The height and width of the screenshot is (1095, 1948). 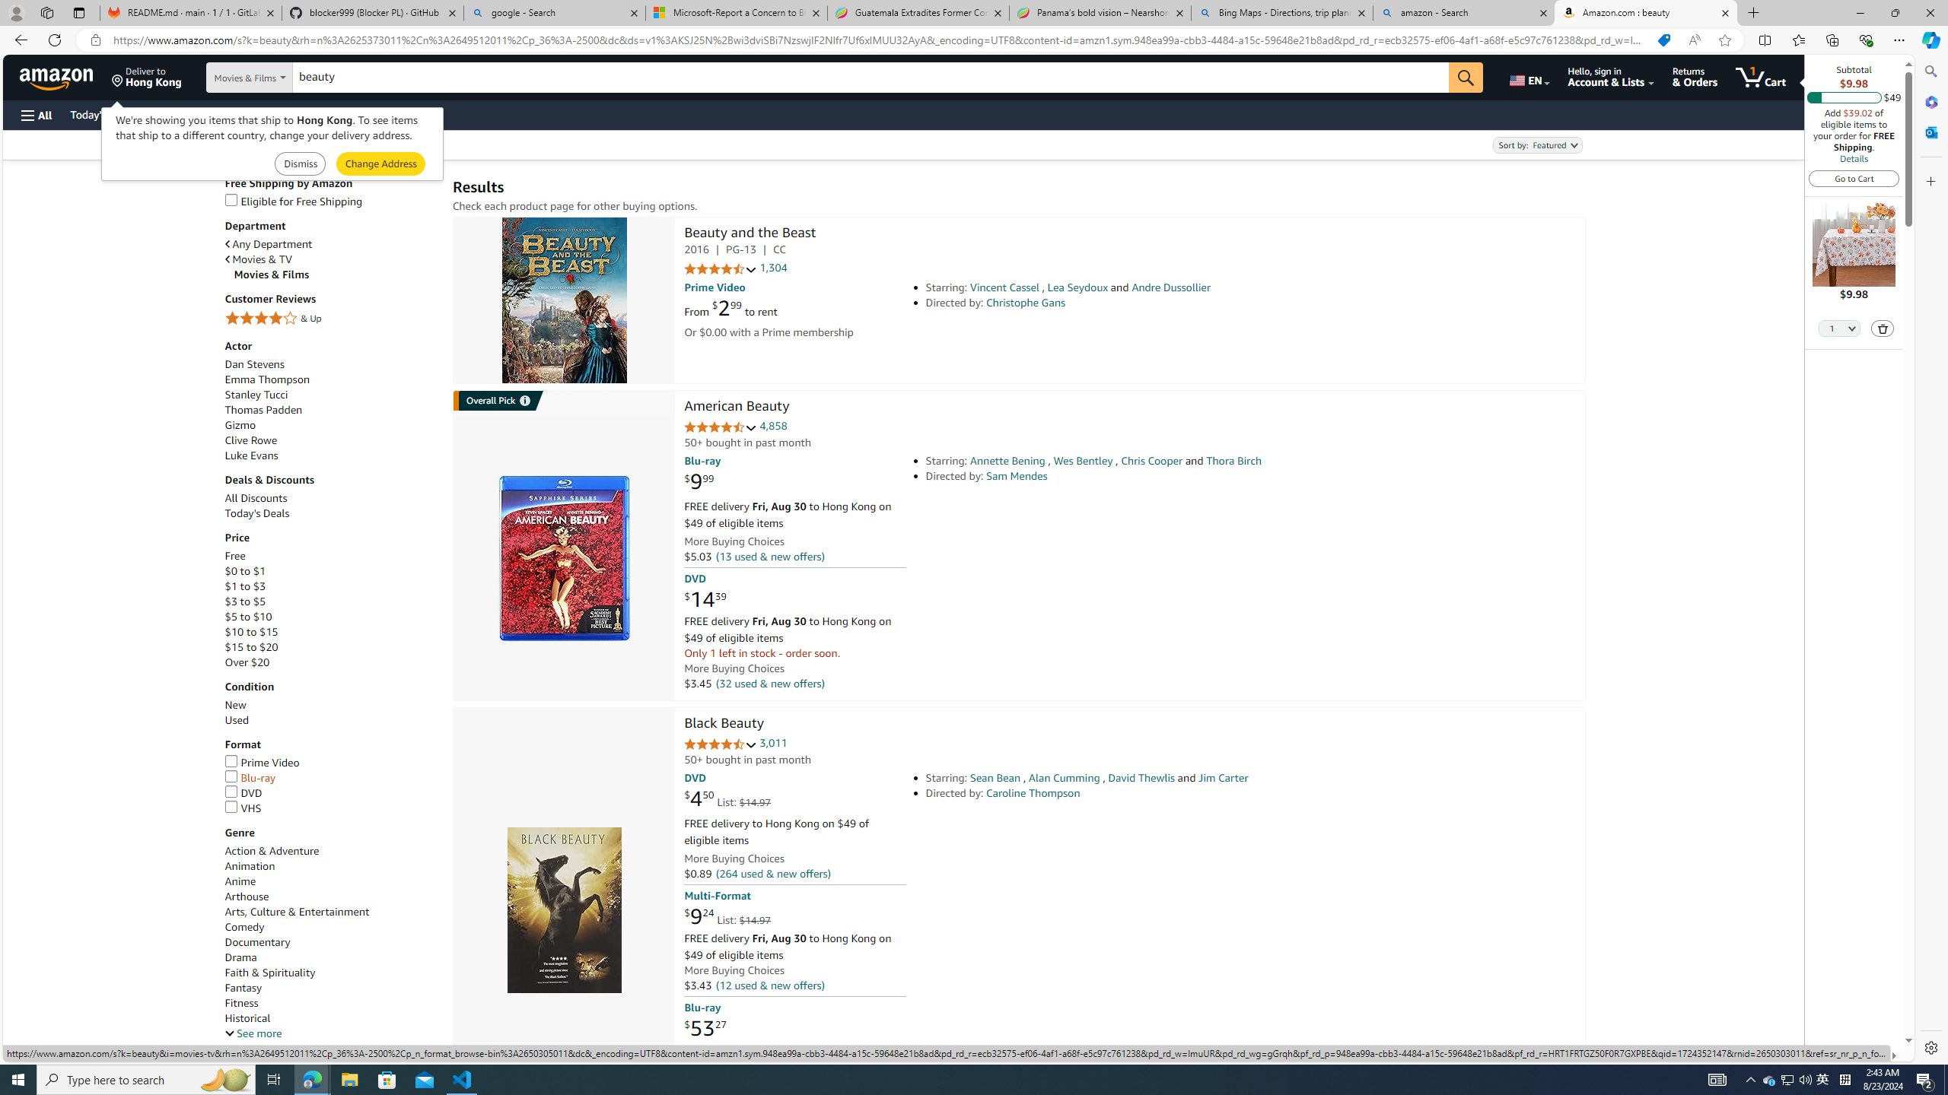 I want to click on '$1 to $3', so click(x=245, y=586).